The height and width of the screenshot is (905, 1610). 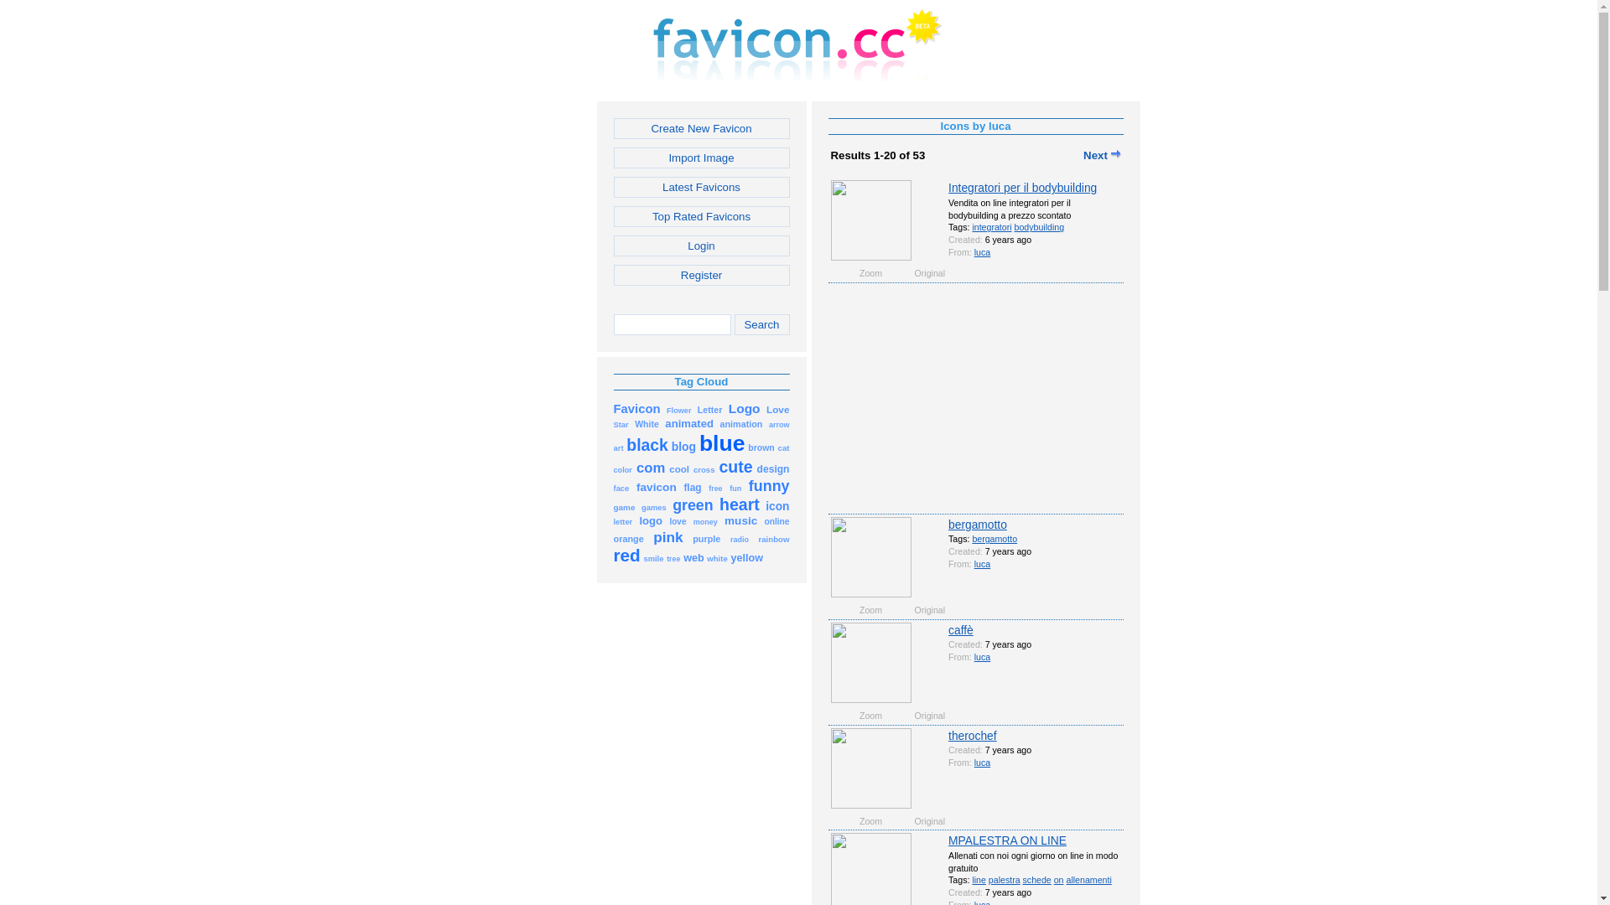 What do you see at coordinates (701, 246) in the screenshot?
I see `'Login'` at bounding box center [701, 246].